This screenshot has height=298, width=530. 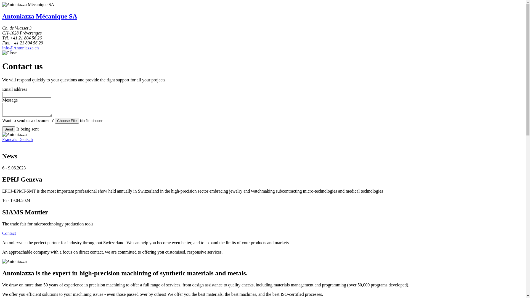 What do you see at coordinates (25, 139) in the screenshot?
I see `'Deutsch'` at bounding box center [25, 139].